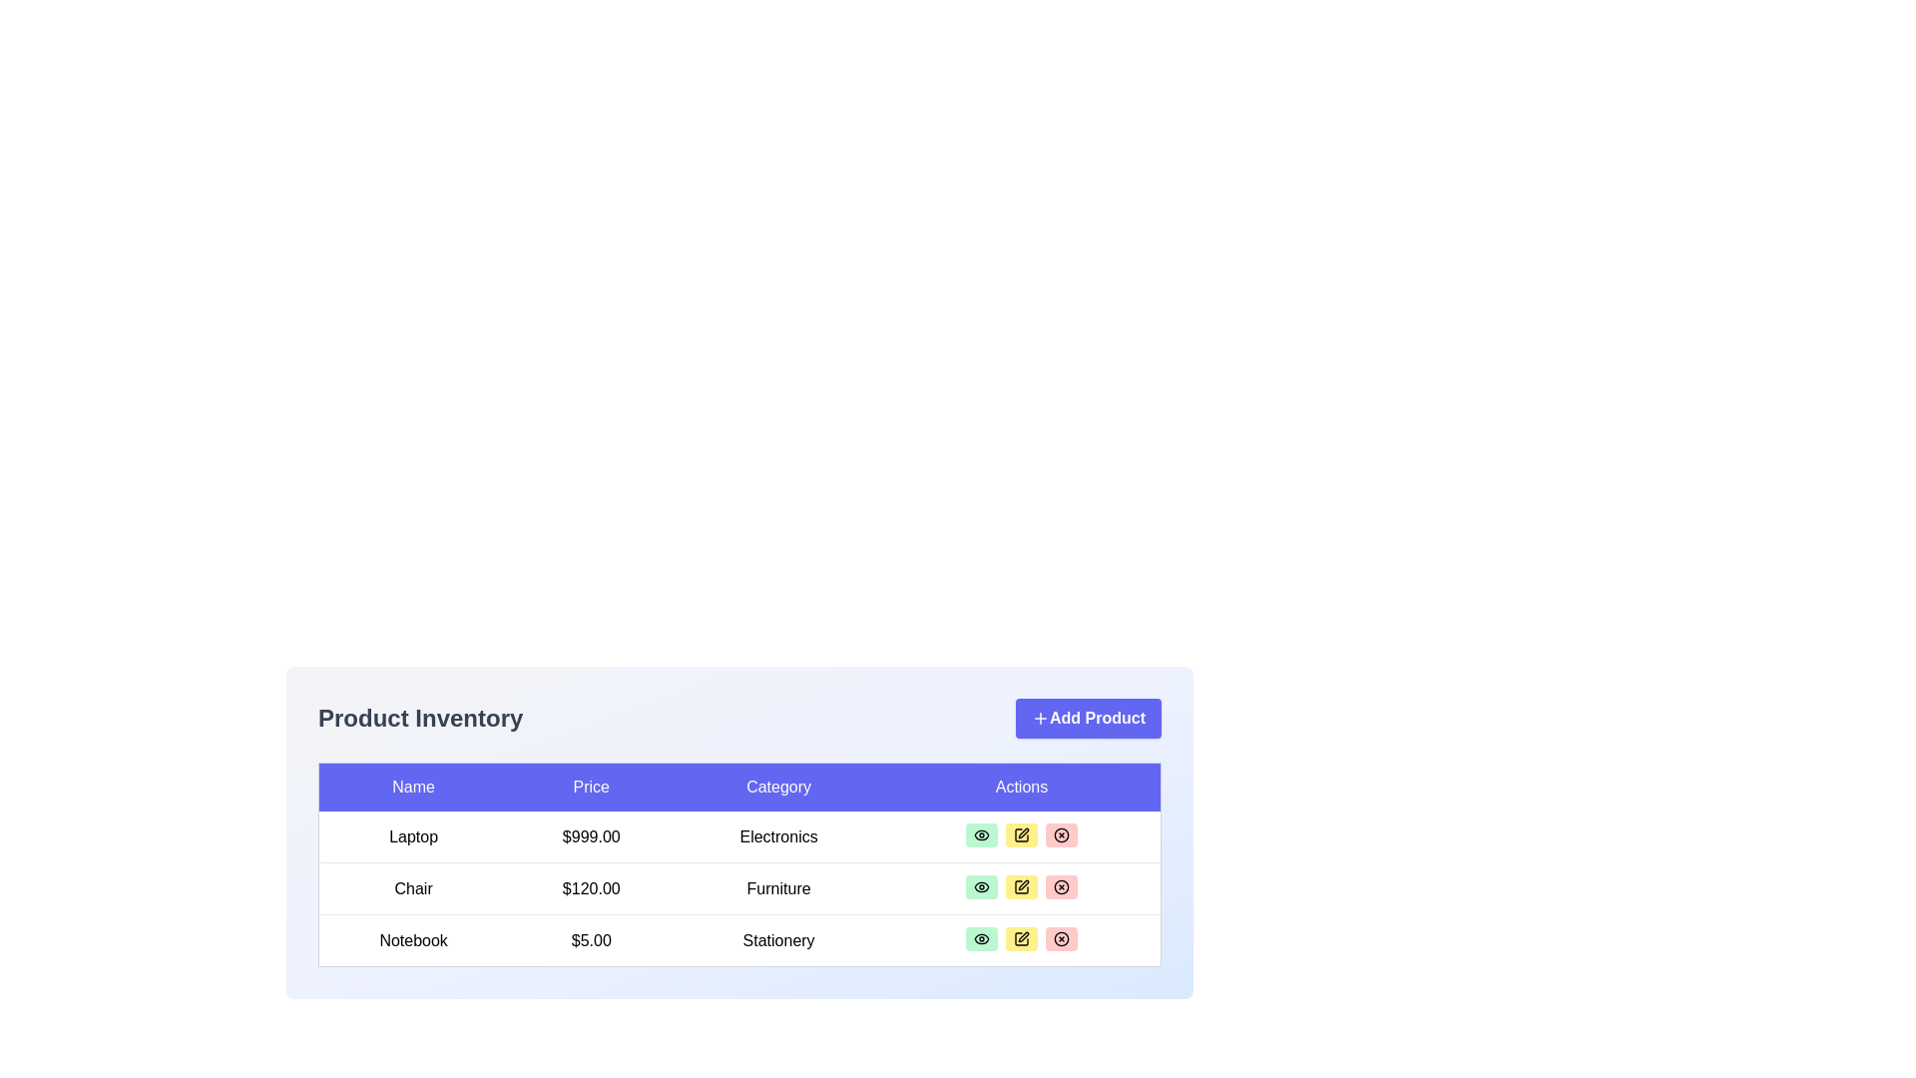 This screenshot has width=1916, height=1078. I want to click on the small yellow pen icon located in the last row of the 'Actions' column under 'Notebook $5.00 Stationery' to initiate an edit action, so click(1021, 939).